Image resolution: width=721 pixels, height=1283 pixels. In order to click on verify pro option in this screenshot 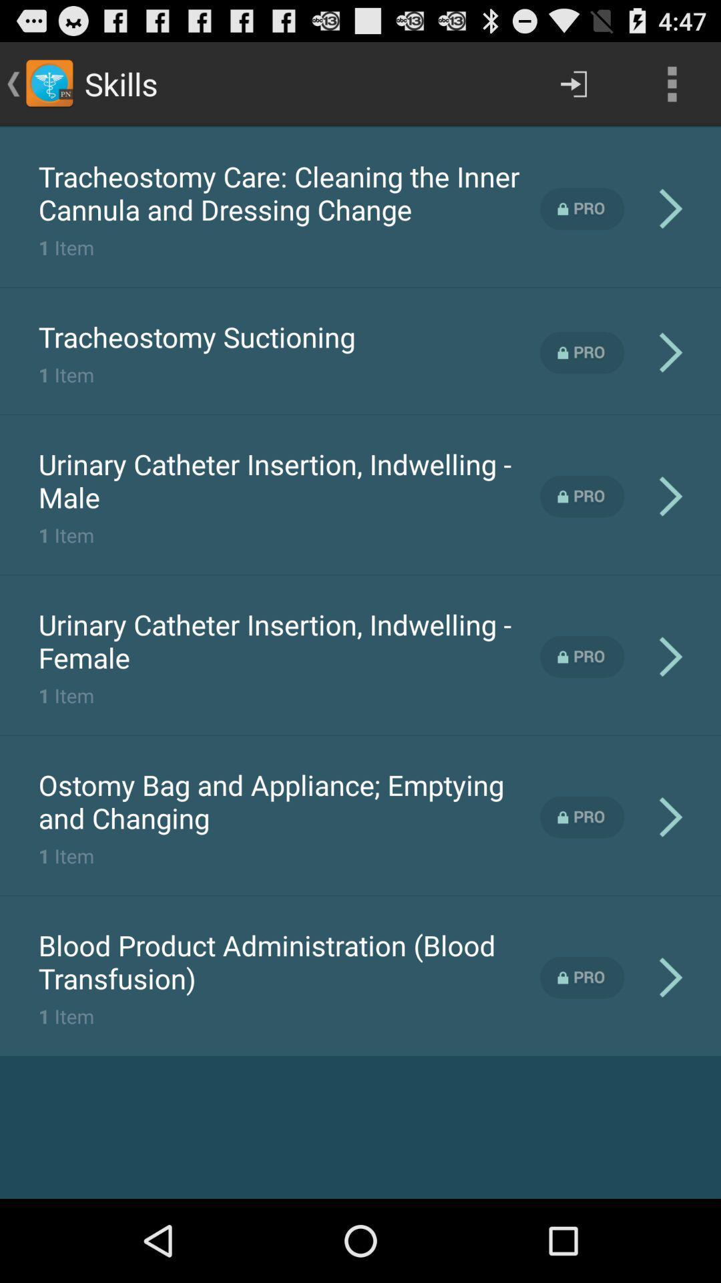, I will do `click(581, 208)`.